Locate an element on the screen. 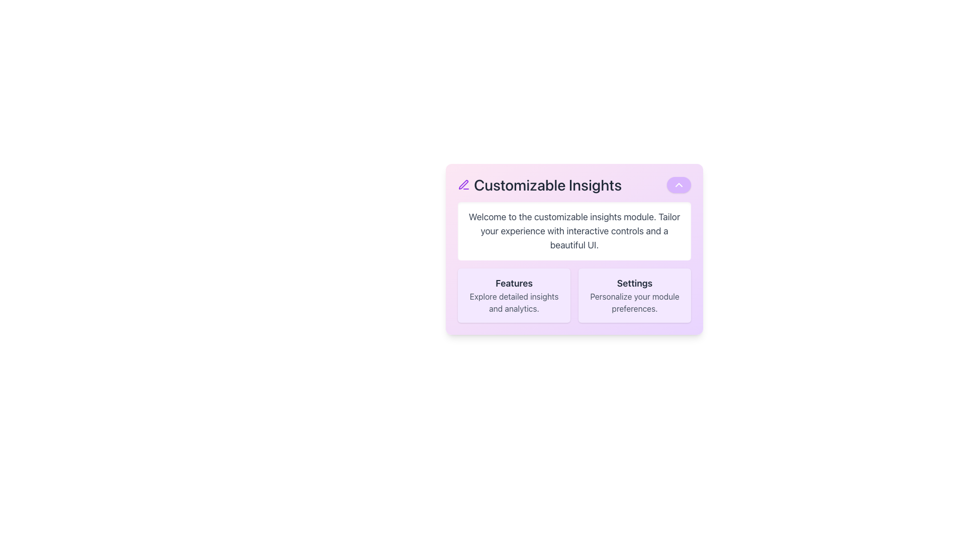  the purple-toned pen icon located to the left of the 'Customizable Insights' title is located at coordinates (463, 185).